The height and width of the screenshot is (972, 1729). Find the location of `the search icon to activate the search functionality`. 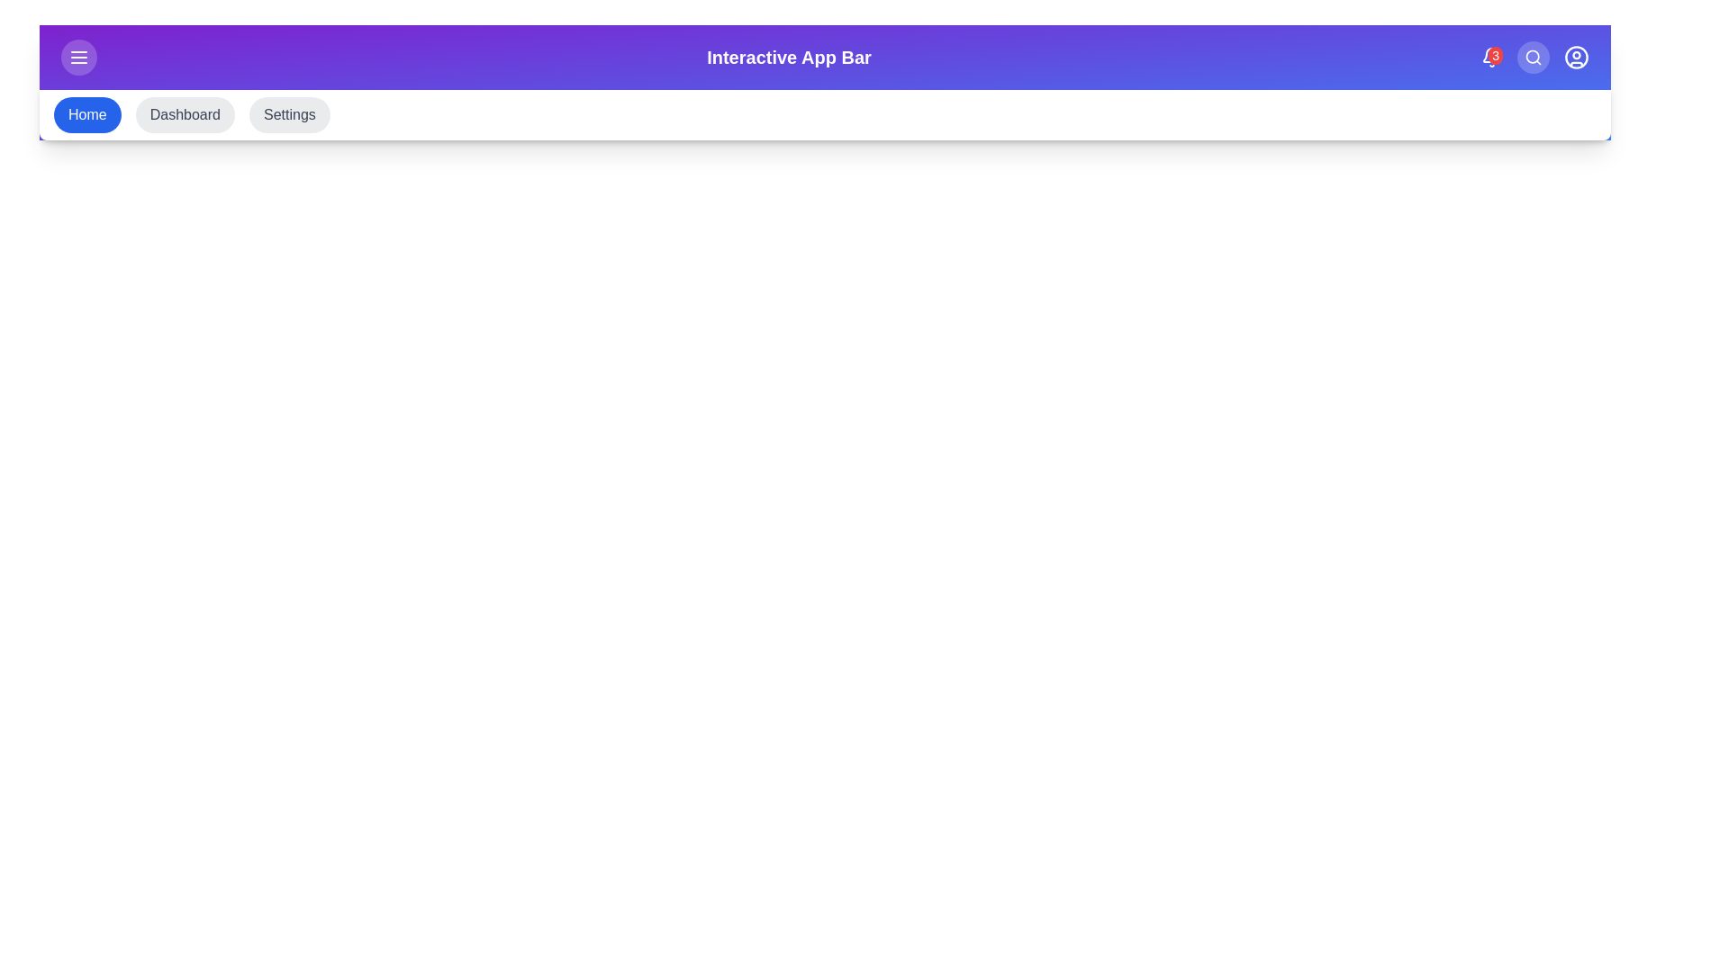

the search icon to activate the search functionality is located at coordinates (1533, 57).